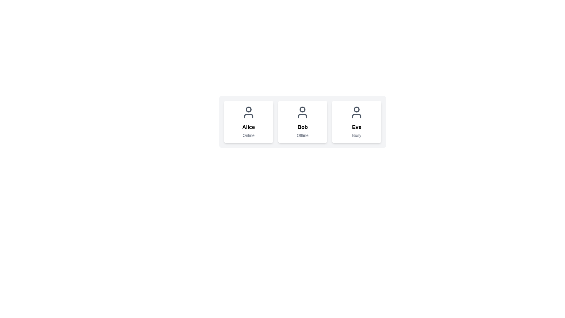 This screenshot has width=565, height=318. Describe the element at coordinates (248, 112) in the screenshot. I see `the user profile icon located at the top center of the card labeled 'Alice' with the status 'Online'` at that location.